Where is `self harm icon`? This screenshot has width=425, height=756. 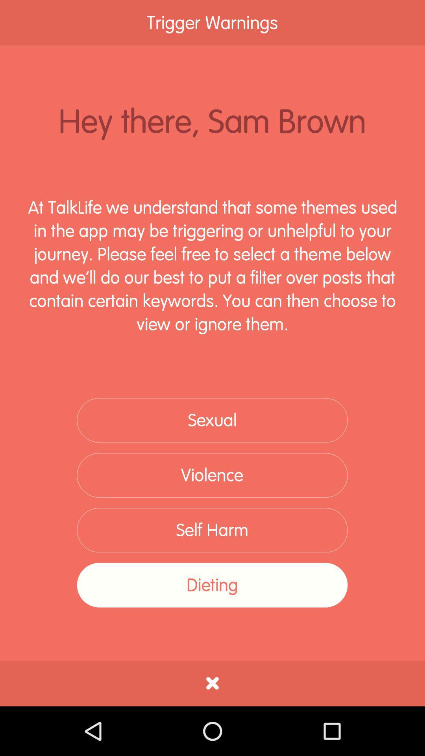
self harm icon is located at coordinates (212, 530).